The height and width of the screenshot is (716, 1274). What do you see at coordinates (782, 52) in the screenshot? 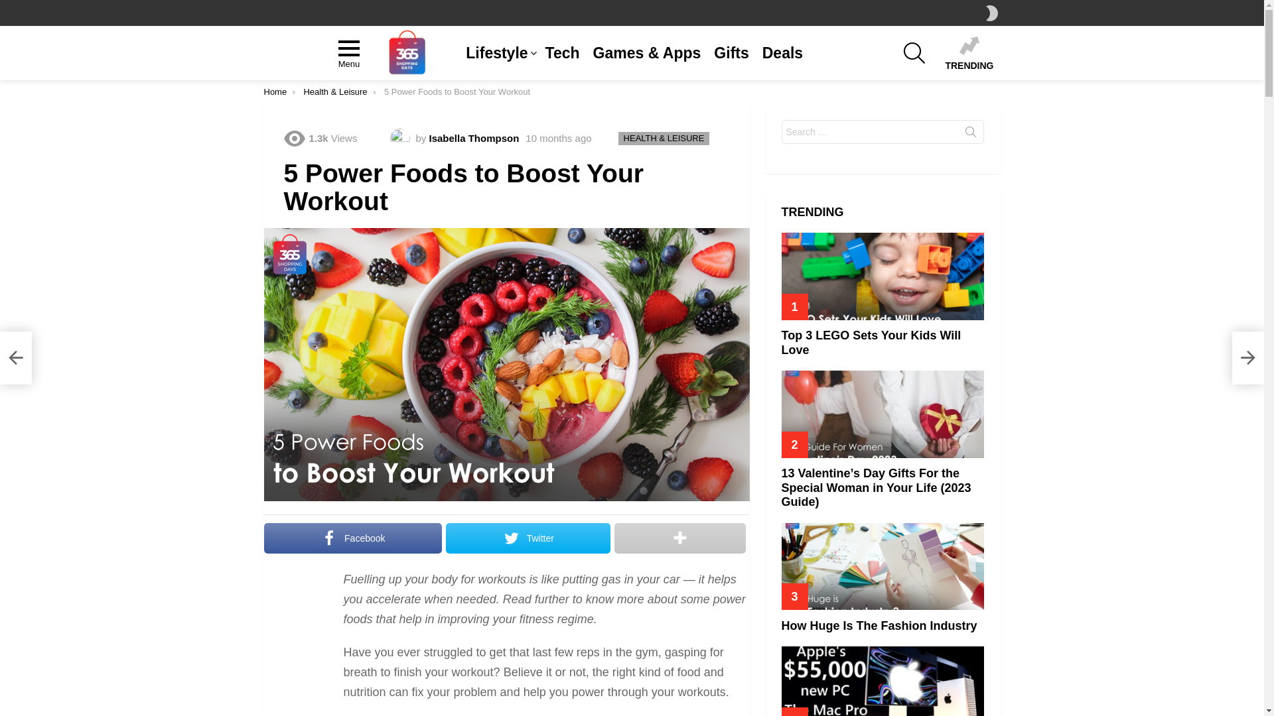
I see `'Deals'` at bounding box center [782, 52].